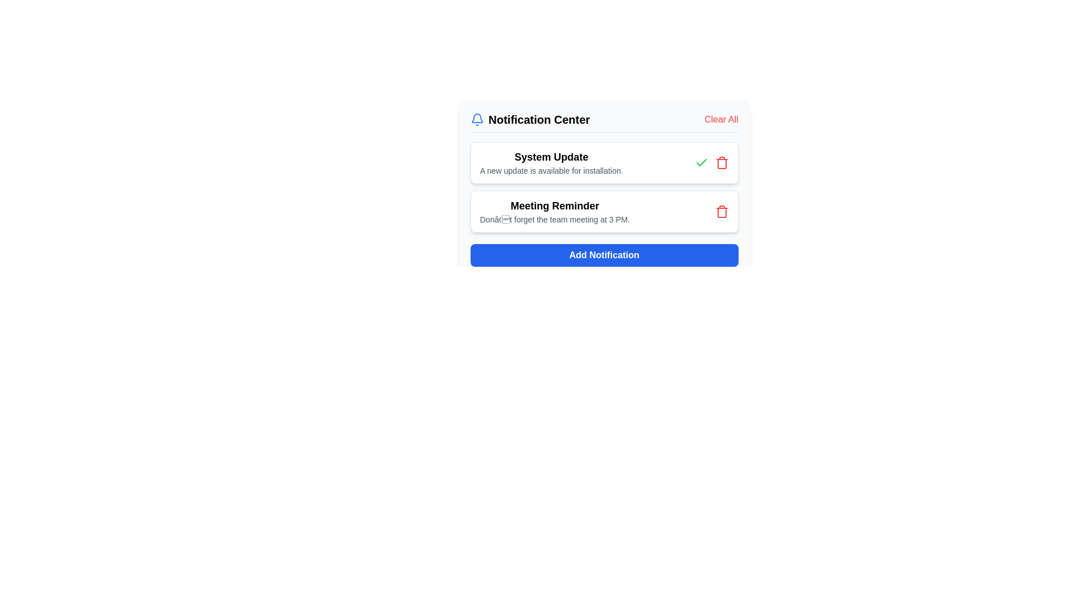  What do you see at coordinates (721, 212) in the screenshot?
I see `the Icon Button located at the far right of the 'Meeting Reminder' notification card` at bounding box center [721, 212].